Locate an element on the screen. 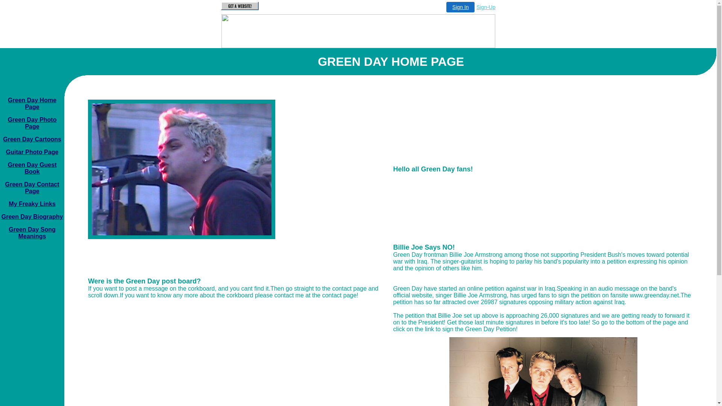  'Green Day Home Page' is located at coordinates (32, 103).